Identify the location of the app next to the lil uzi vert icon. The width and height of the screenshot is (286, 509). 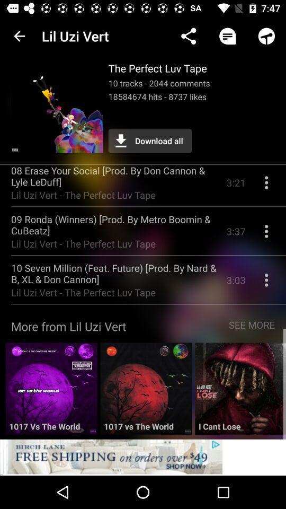
(188, 36).